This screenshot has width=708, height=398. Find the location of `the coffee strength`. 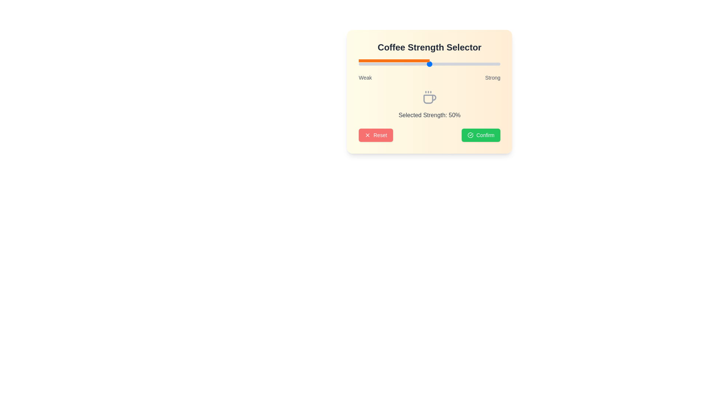

the coffee strength is located at coordinates (412, 63).